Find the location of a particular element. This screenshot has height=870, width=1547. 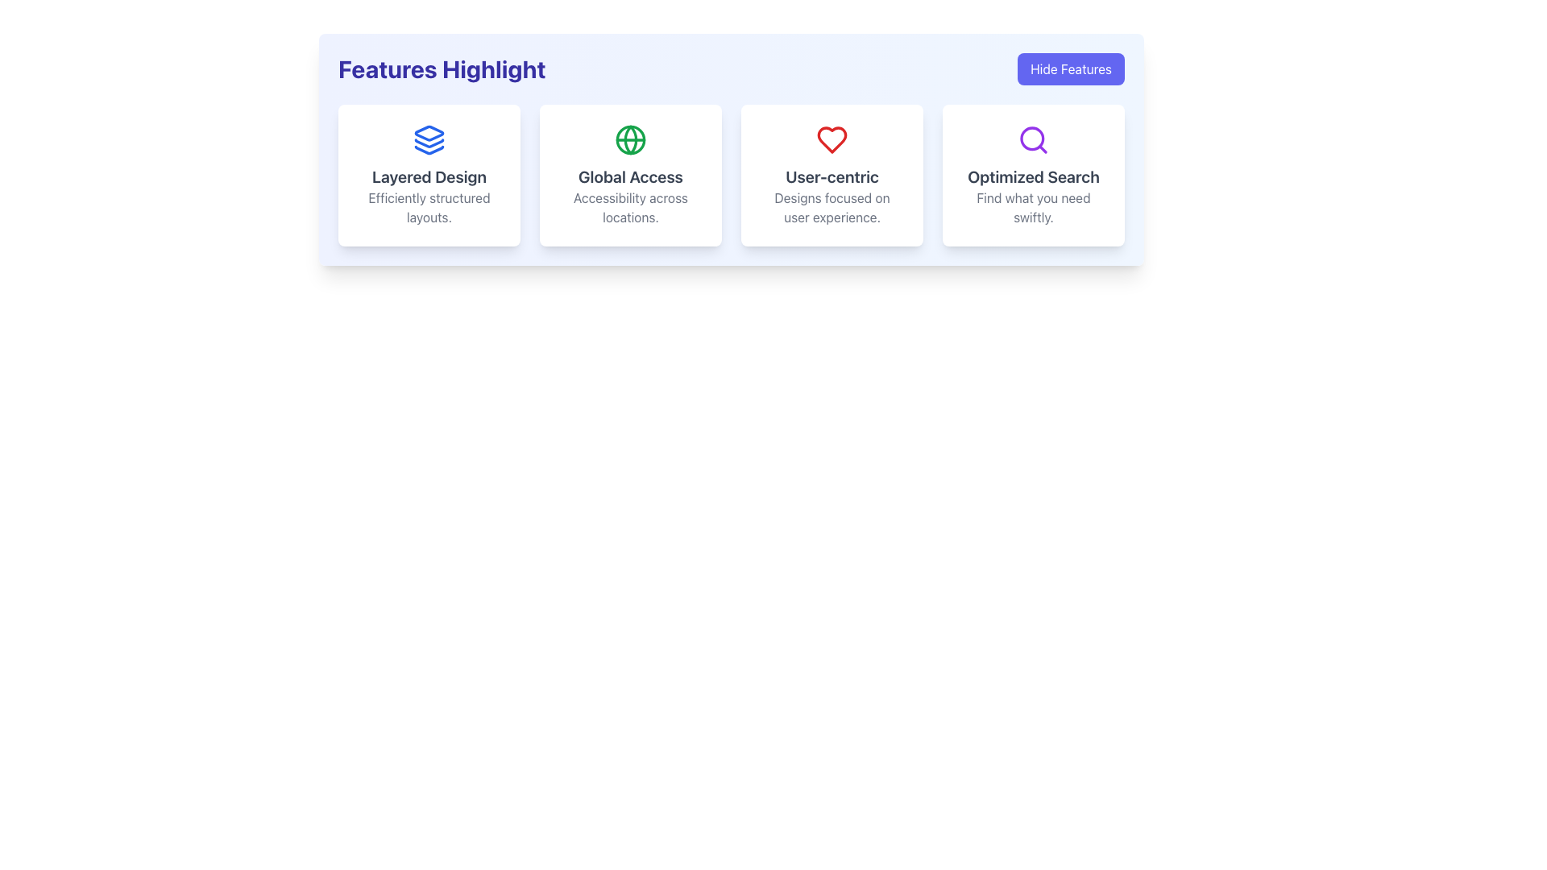

the Informational Card that has a red heart icon at the top, bold 'User-centric' text in dark gray, and a smaller description text below it, positioned between the 'Global Access' and 'Optimized Search' cards is located at coordinates (832, 176).